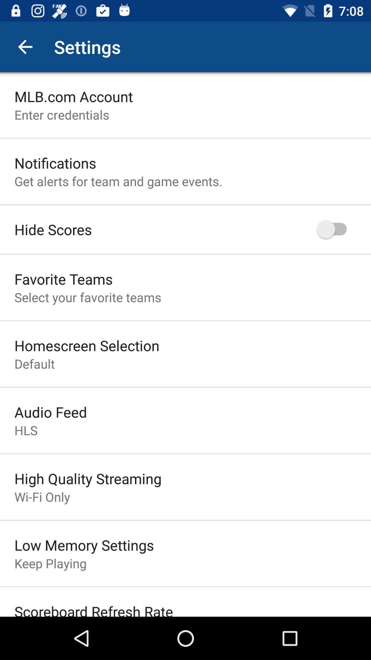 The width and height of the screenshot is (371, 660). I want to click on the item above audio feed, so click(34, 363).